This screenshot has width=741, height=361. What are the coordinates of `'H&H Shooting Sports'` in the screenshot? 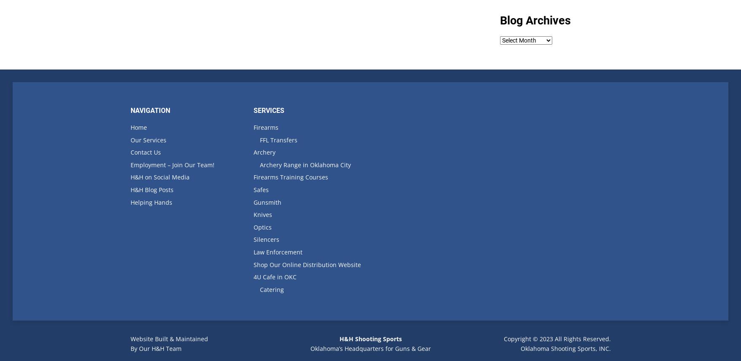 It's located at (370, 339).